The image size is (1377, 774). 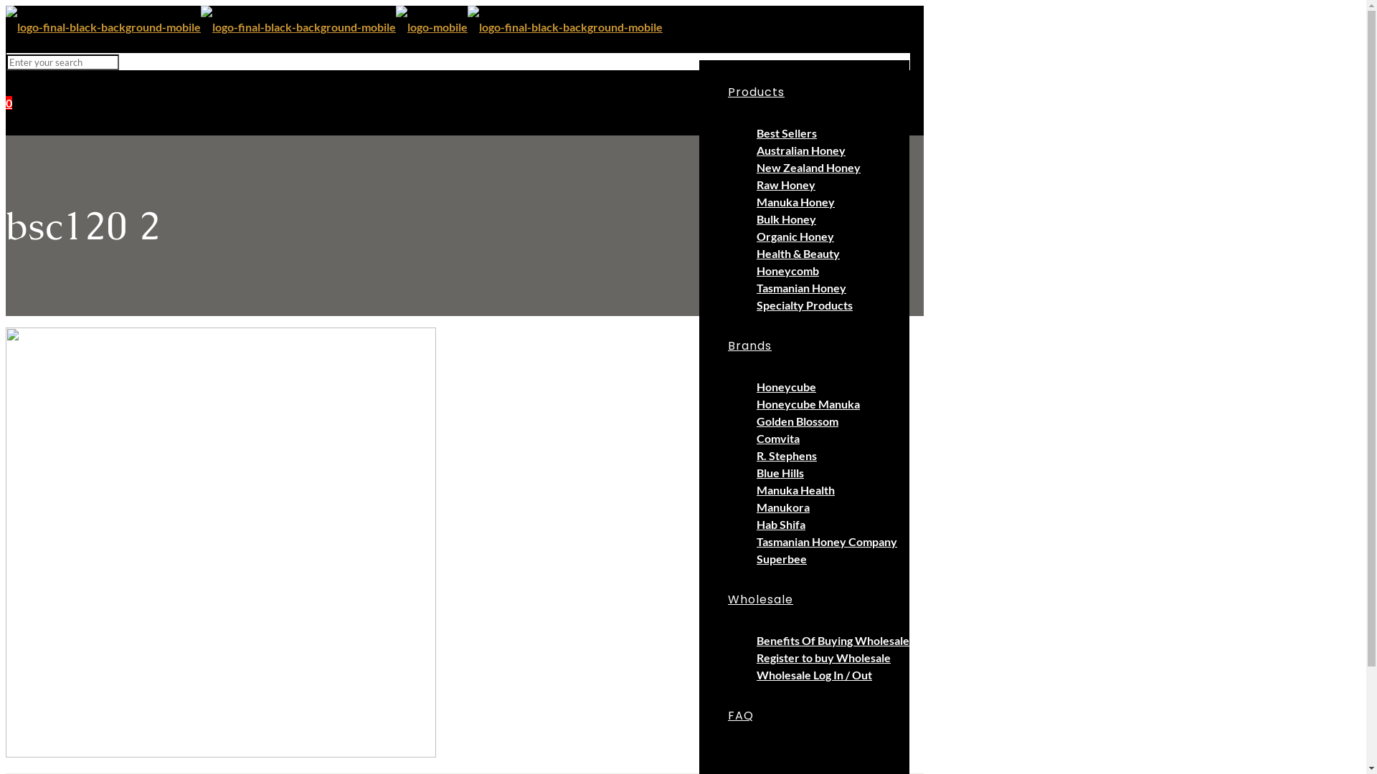 What do you see at coordinates (777, 437) in the screenshot?
I see `'Comvita'` at bounding box center [777, 437].